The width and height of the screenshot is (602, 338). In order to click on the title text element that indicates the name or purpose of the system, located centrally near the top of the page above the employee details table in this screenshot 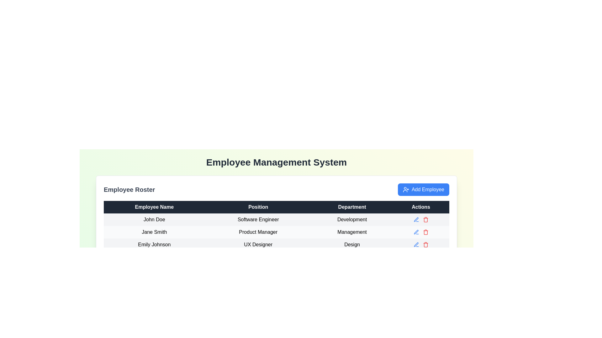, I will do `click(276, 162)`.